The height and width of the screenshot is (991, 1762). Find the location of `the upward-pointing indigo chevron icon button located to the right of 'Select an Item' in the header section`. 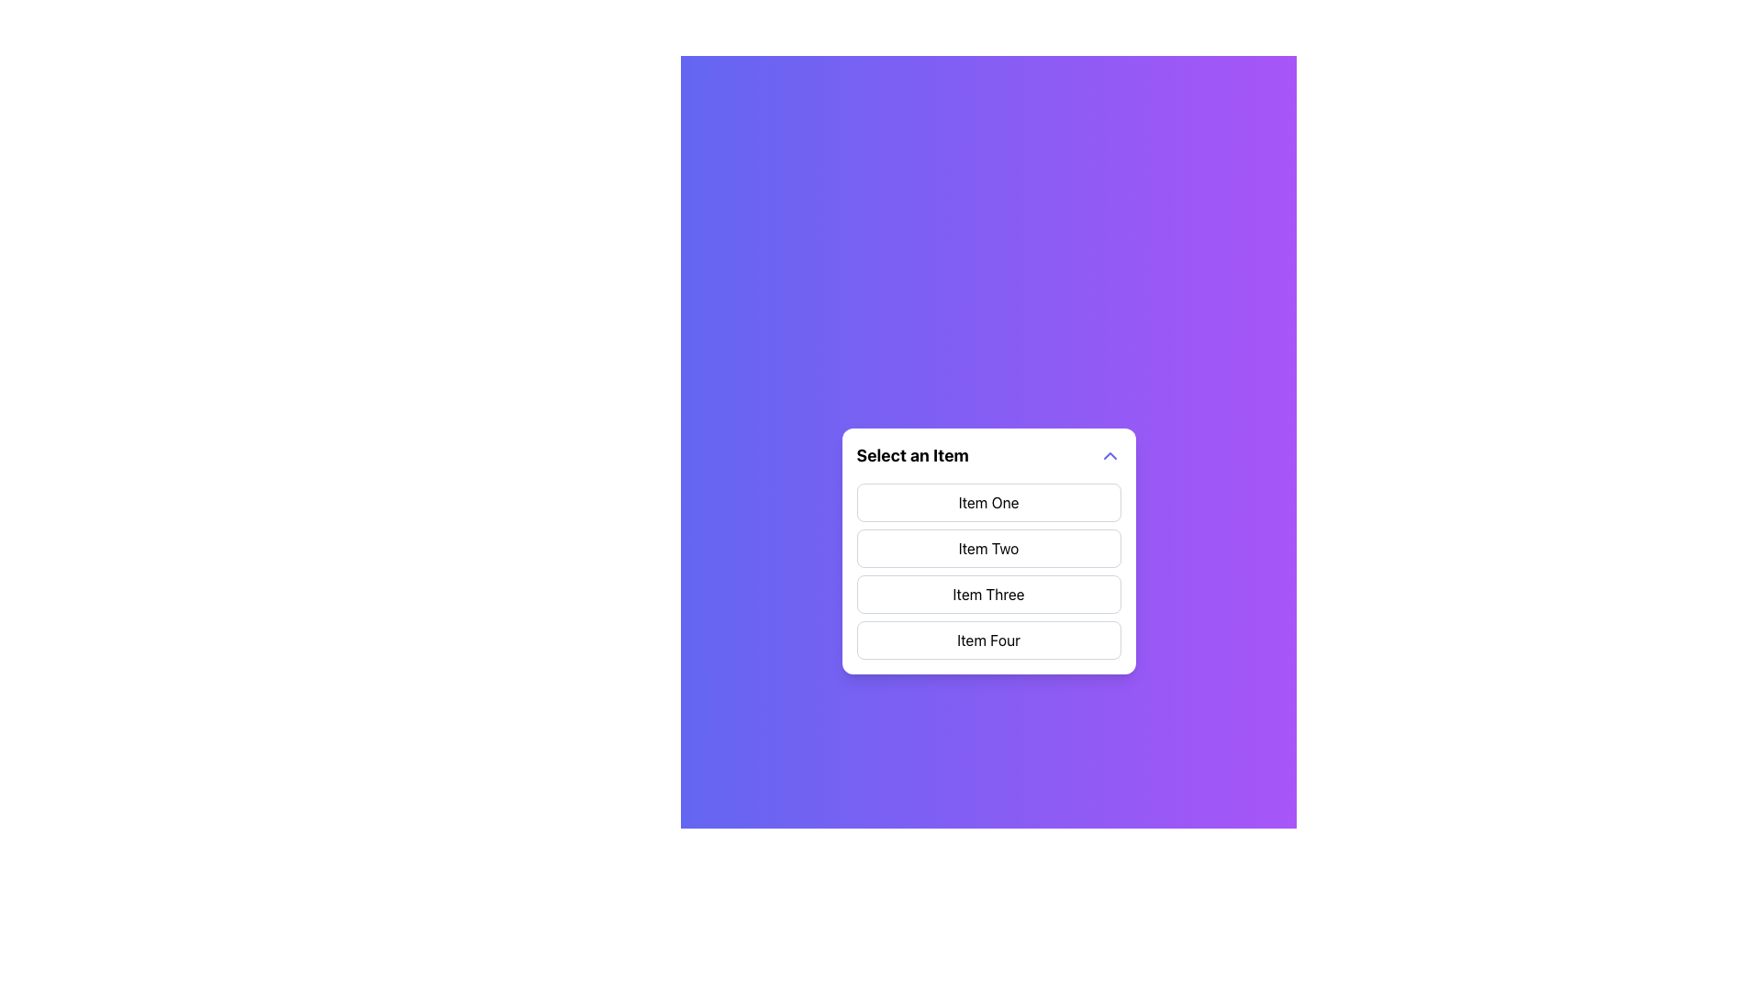

the upward-pointing indigo chevron icon button located to the right of 'Select an Item' in the header section is located at coordinates (1109, 455).